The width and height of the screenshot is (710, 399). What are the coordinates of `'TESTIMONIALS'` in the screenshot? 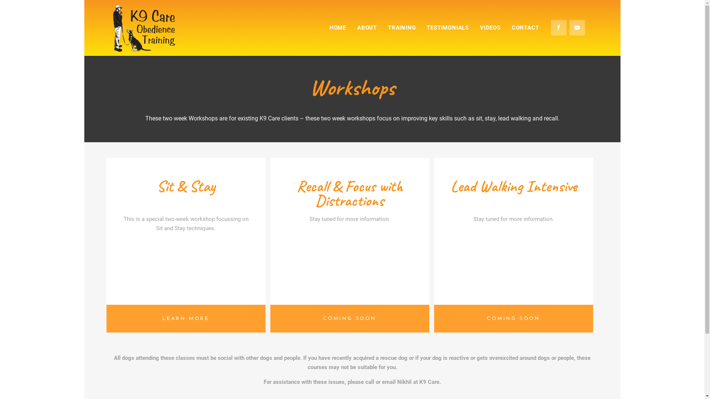 It's located at (447, 27).